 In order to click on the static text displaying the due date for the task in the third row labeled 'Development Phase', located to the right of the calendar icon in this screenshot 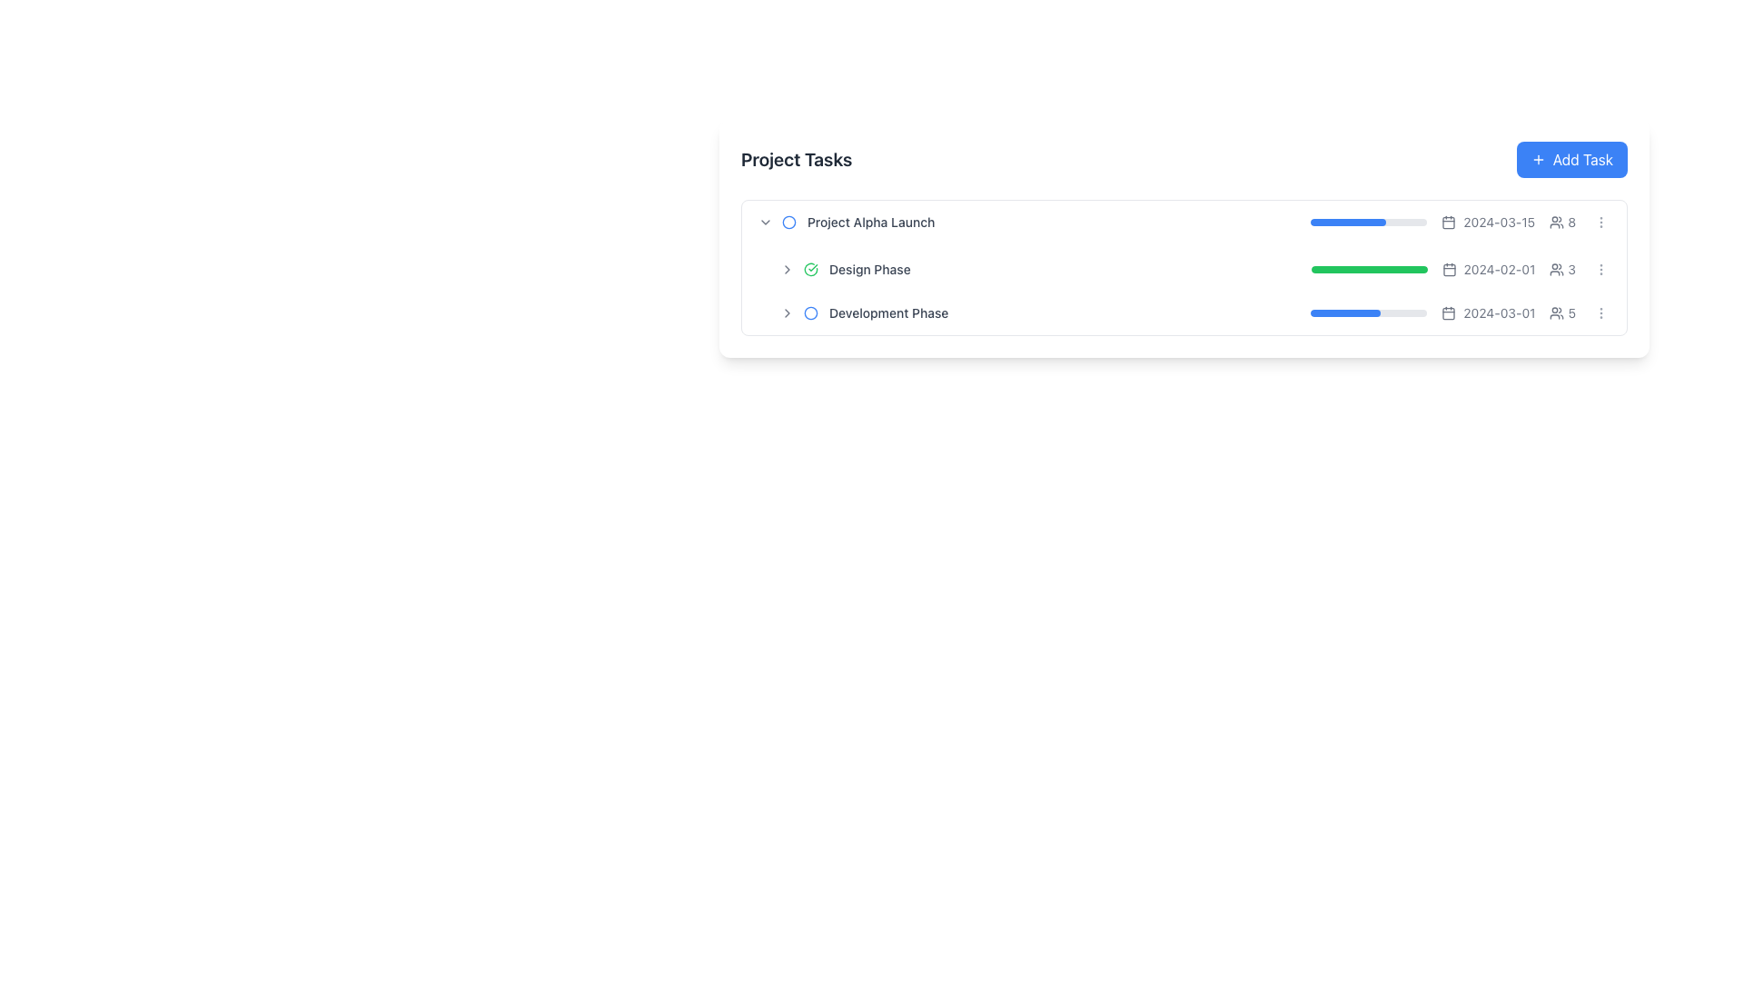, I will do `click(1499, 312)`.